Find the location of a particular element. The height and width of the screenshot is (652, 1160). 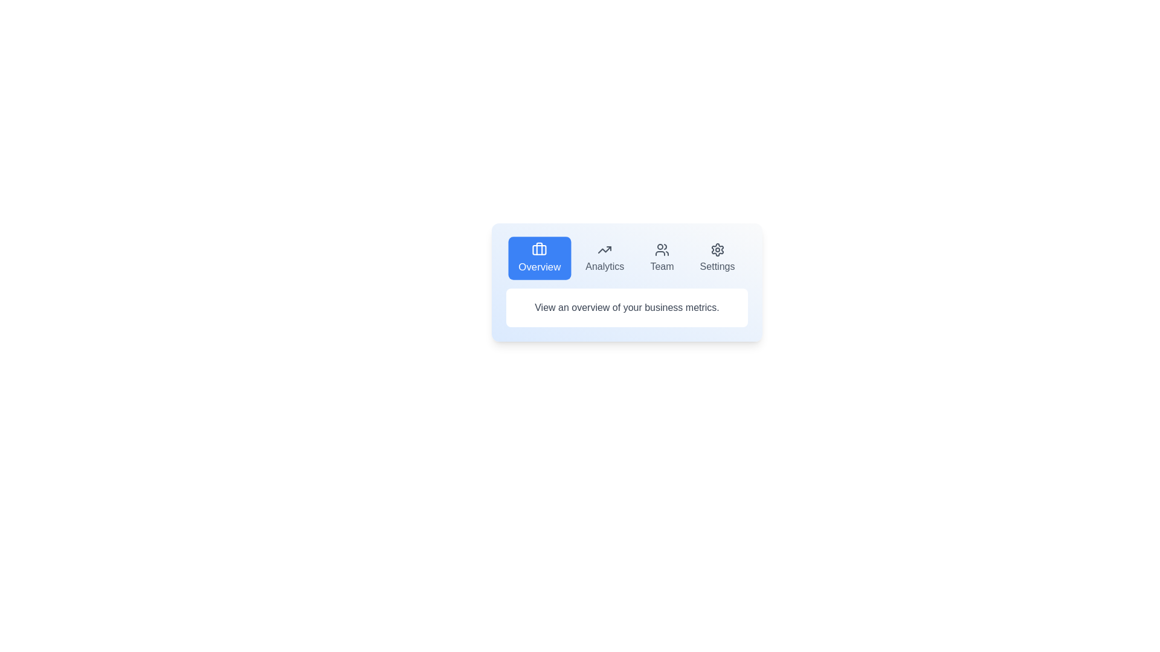

the tab button labeled Settings is located at coordinates (717, 258).